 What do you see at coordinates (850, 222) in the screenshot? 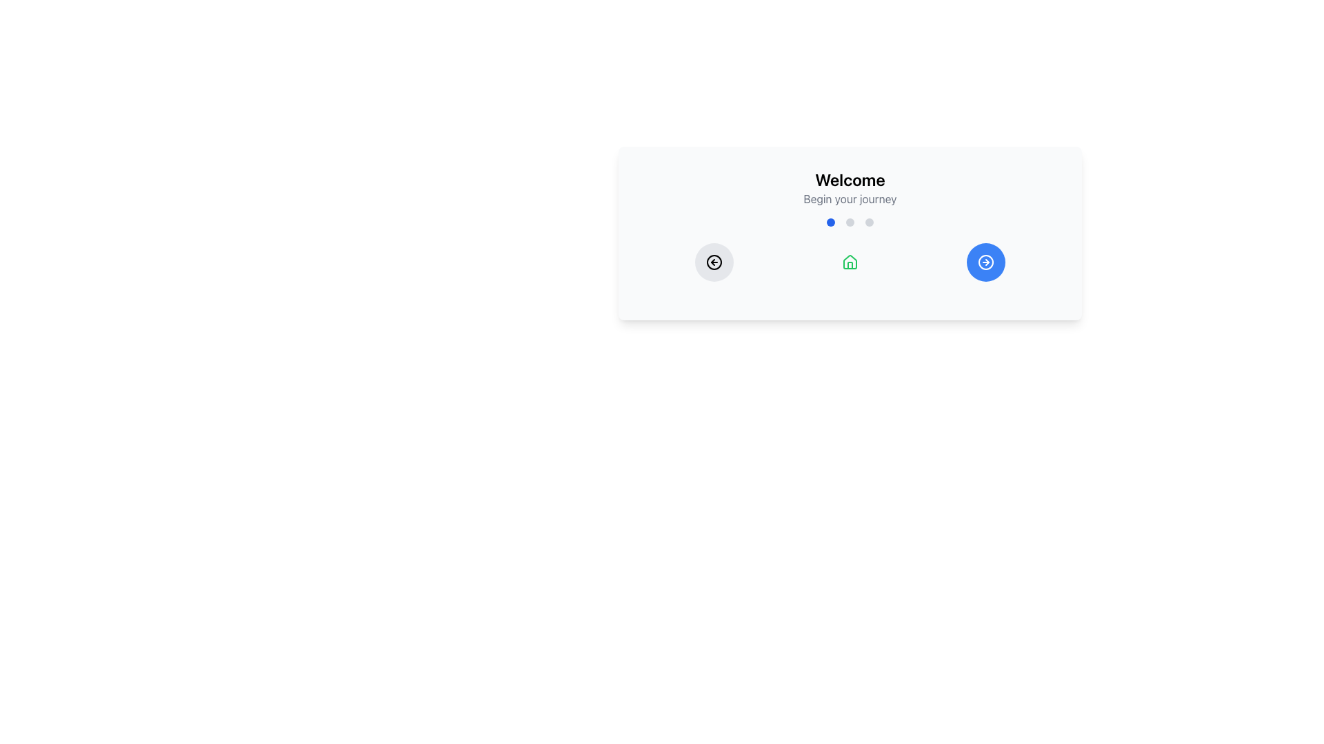
I see `the second circular inactive indicator located horizontally under the text 'Begin your journey'` at bounding box center [850, 222].